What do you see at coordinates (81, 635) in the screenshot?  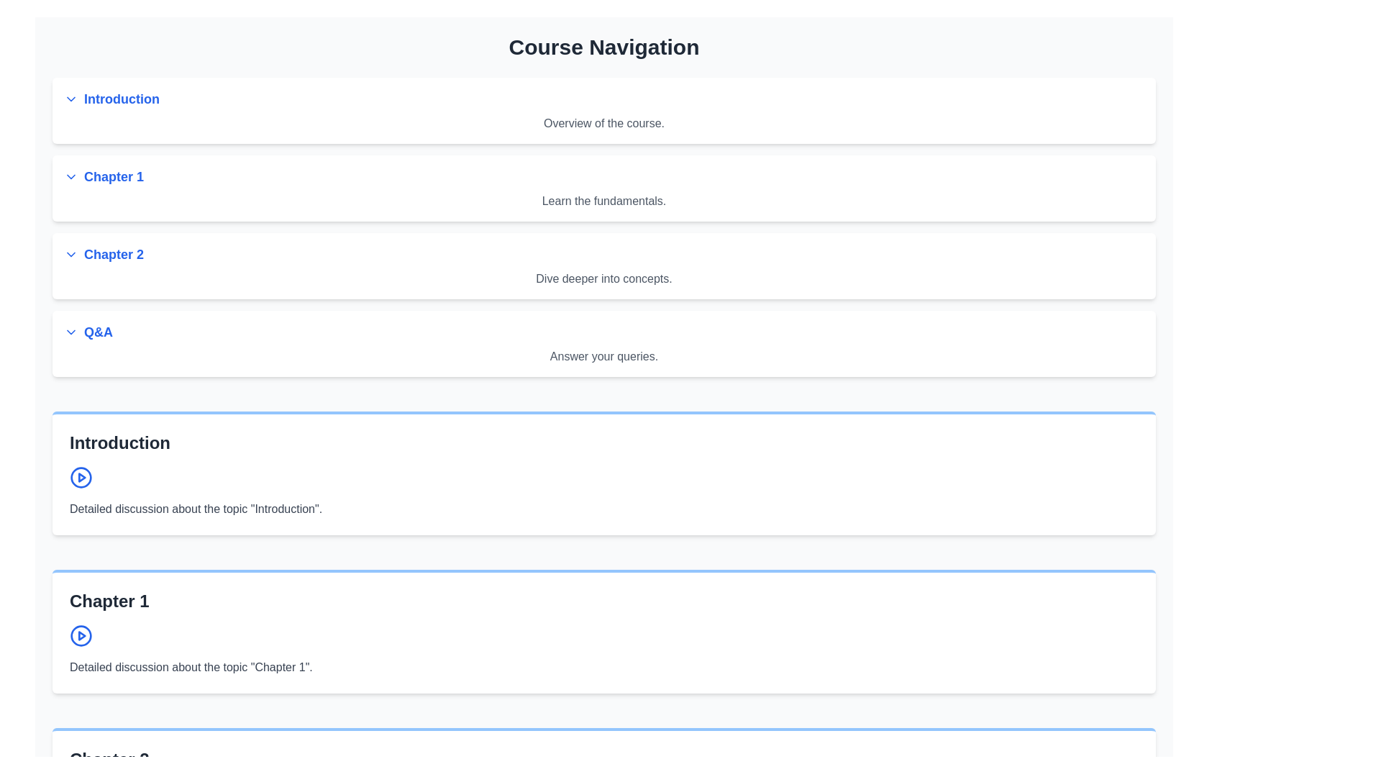 I see `the Circle SVG component that represents the circular outline of the play button beside the 'Chapter 1' header text` at bounding box center [81, 635].